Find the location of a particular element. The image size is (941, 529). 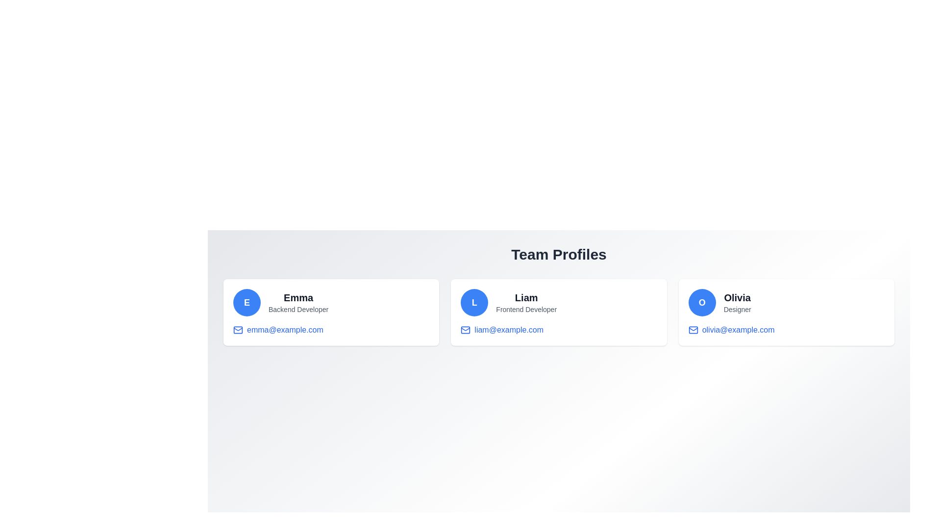

the text display containing 'Emma' and 'Backend Developer' is located at coordinates (298, 302).